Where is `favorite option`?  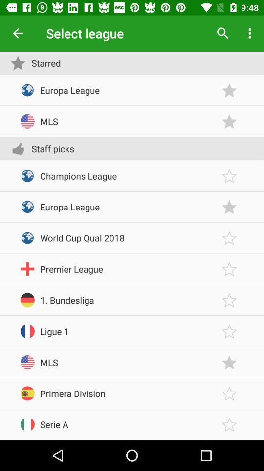
favorite option is located at coordinates (229, 176).